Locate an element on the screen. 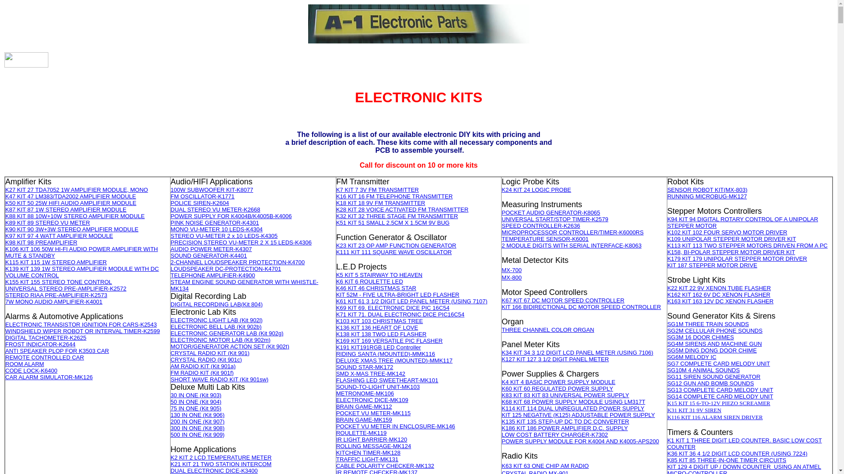 The width and height of the screenshot is (844, 474). 'K50 KIT 50 25W HIFI AUDIO AMPLIFIER MODULE' is located at coordinates (71, 203).